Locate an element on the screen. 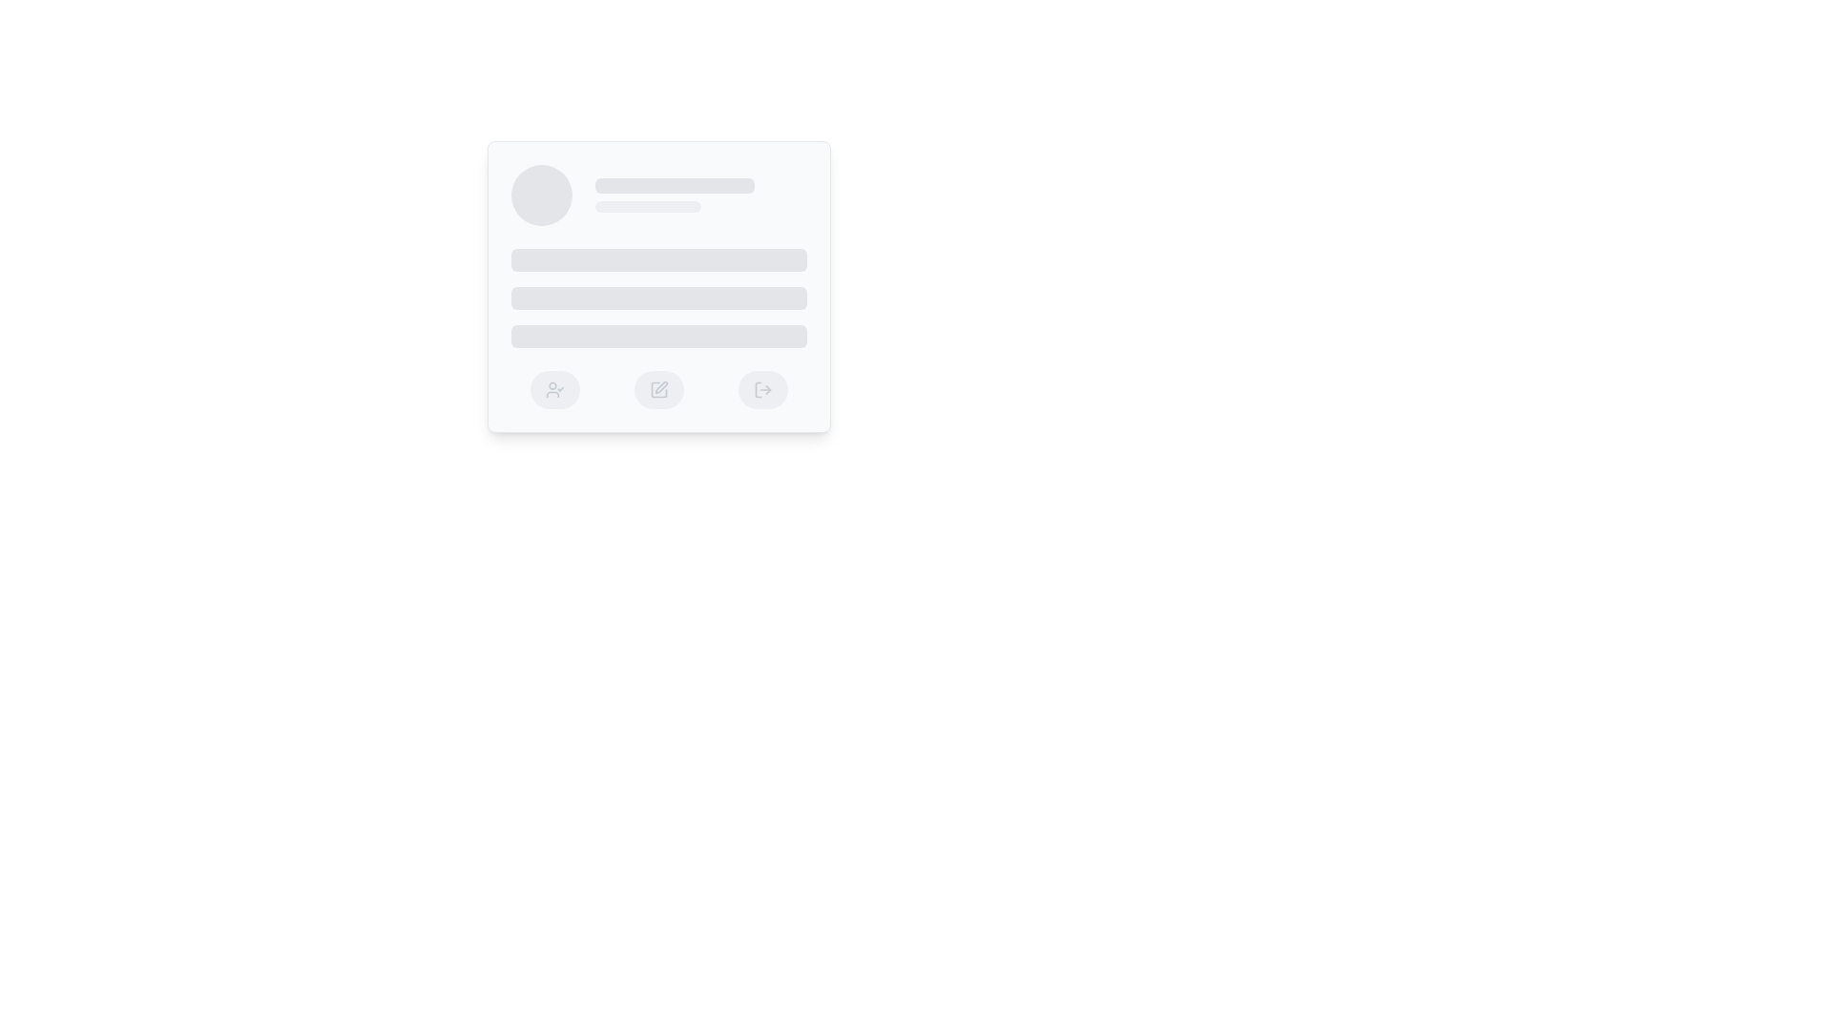 The image size is (1832, 1030). the second horizontal Loading Placeholder Bar, which serves as a loading indicator for content, located centrally within the panel is located at coordinates (659, 298).